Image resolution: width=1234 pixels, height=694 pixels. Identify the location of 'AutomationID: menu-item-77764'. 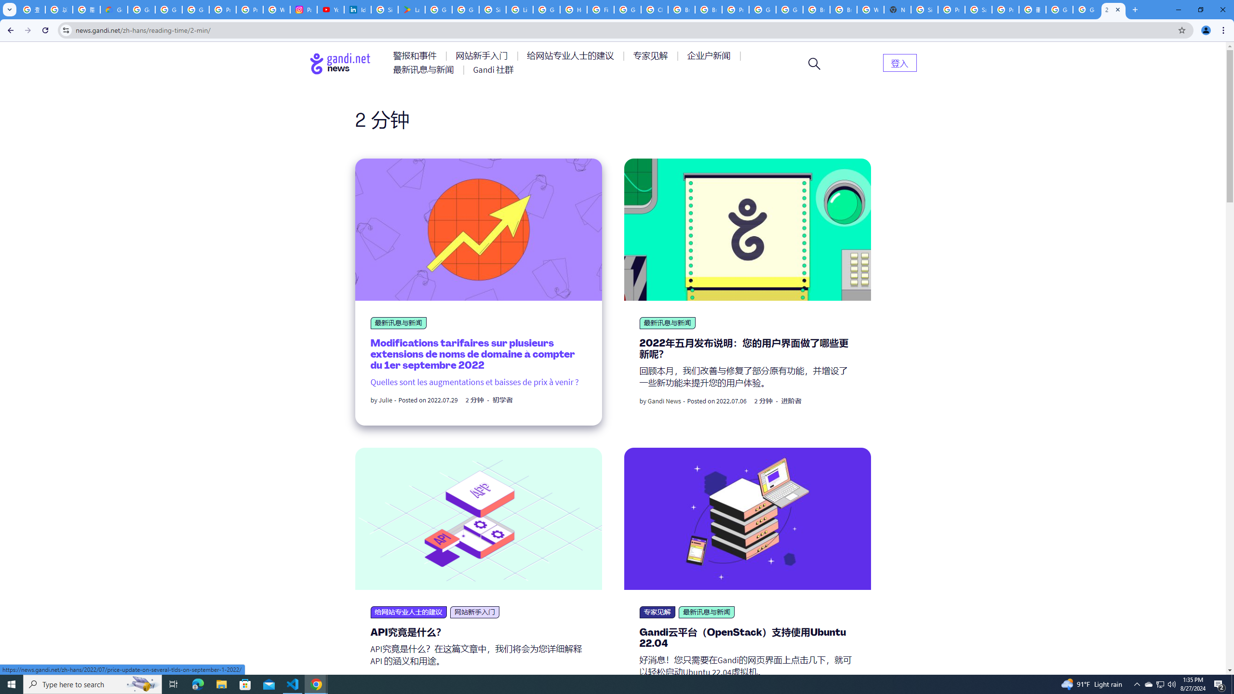
(652, 55).